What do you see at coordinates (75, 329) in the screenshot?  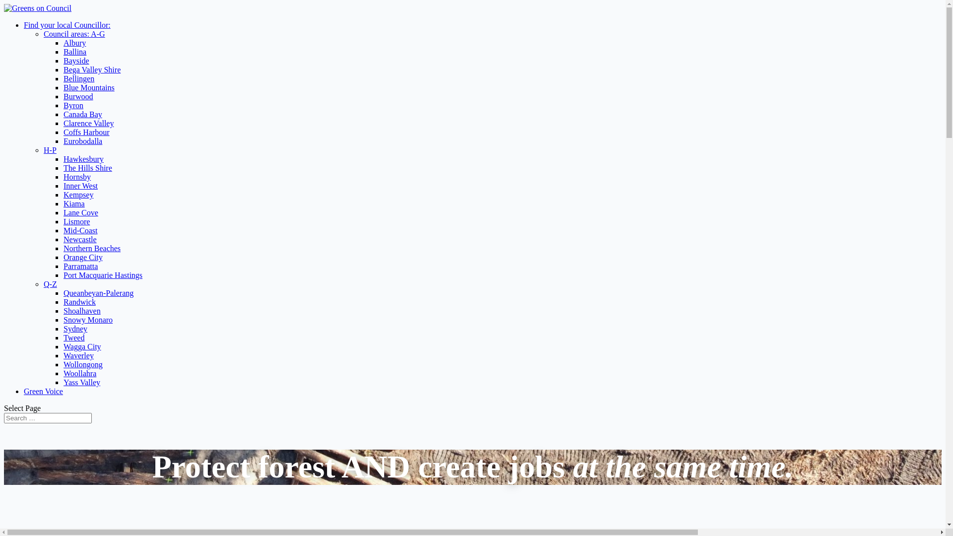 I see `'Sydney'` at bounding box center [75, 329].